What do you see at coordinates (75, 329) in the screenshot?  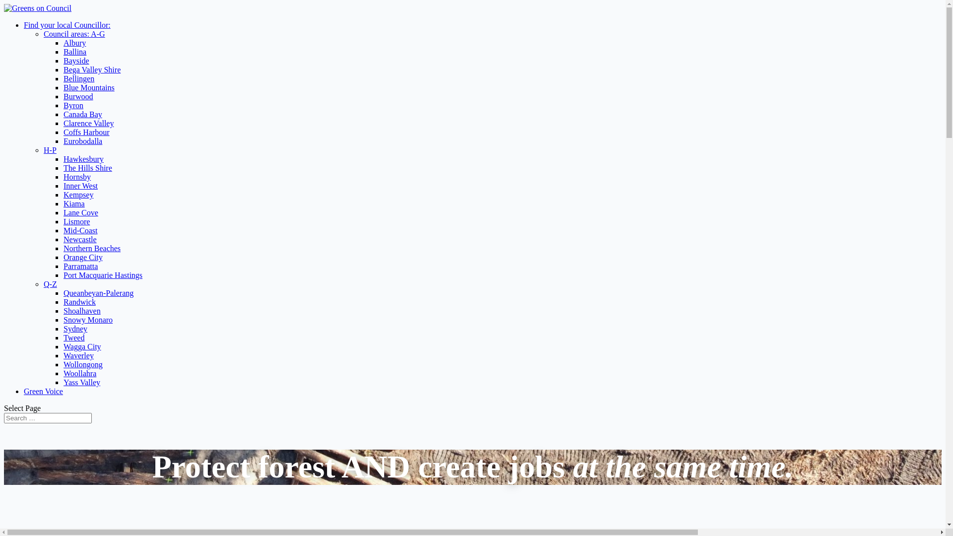 I see `'Sydney'` at bounding box center [75, 329].